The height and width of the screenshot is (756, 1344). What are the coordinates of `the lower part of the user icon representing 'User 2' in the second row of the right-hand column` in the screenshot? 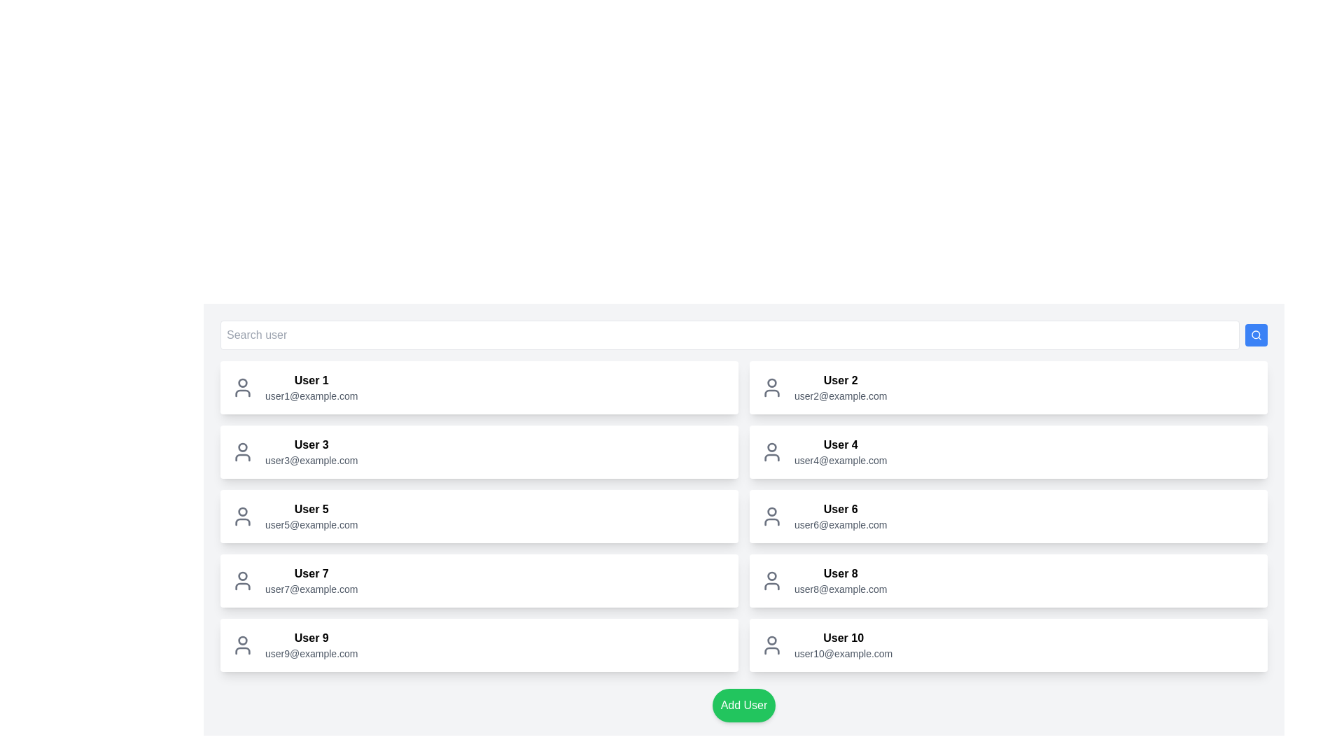 It's located at (771, 393).